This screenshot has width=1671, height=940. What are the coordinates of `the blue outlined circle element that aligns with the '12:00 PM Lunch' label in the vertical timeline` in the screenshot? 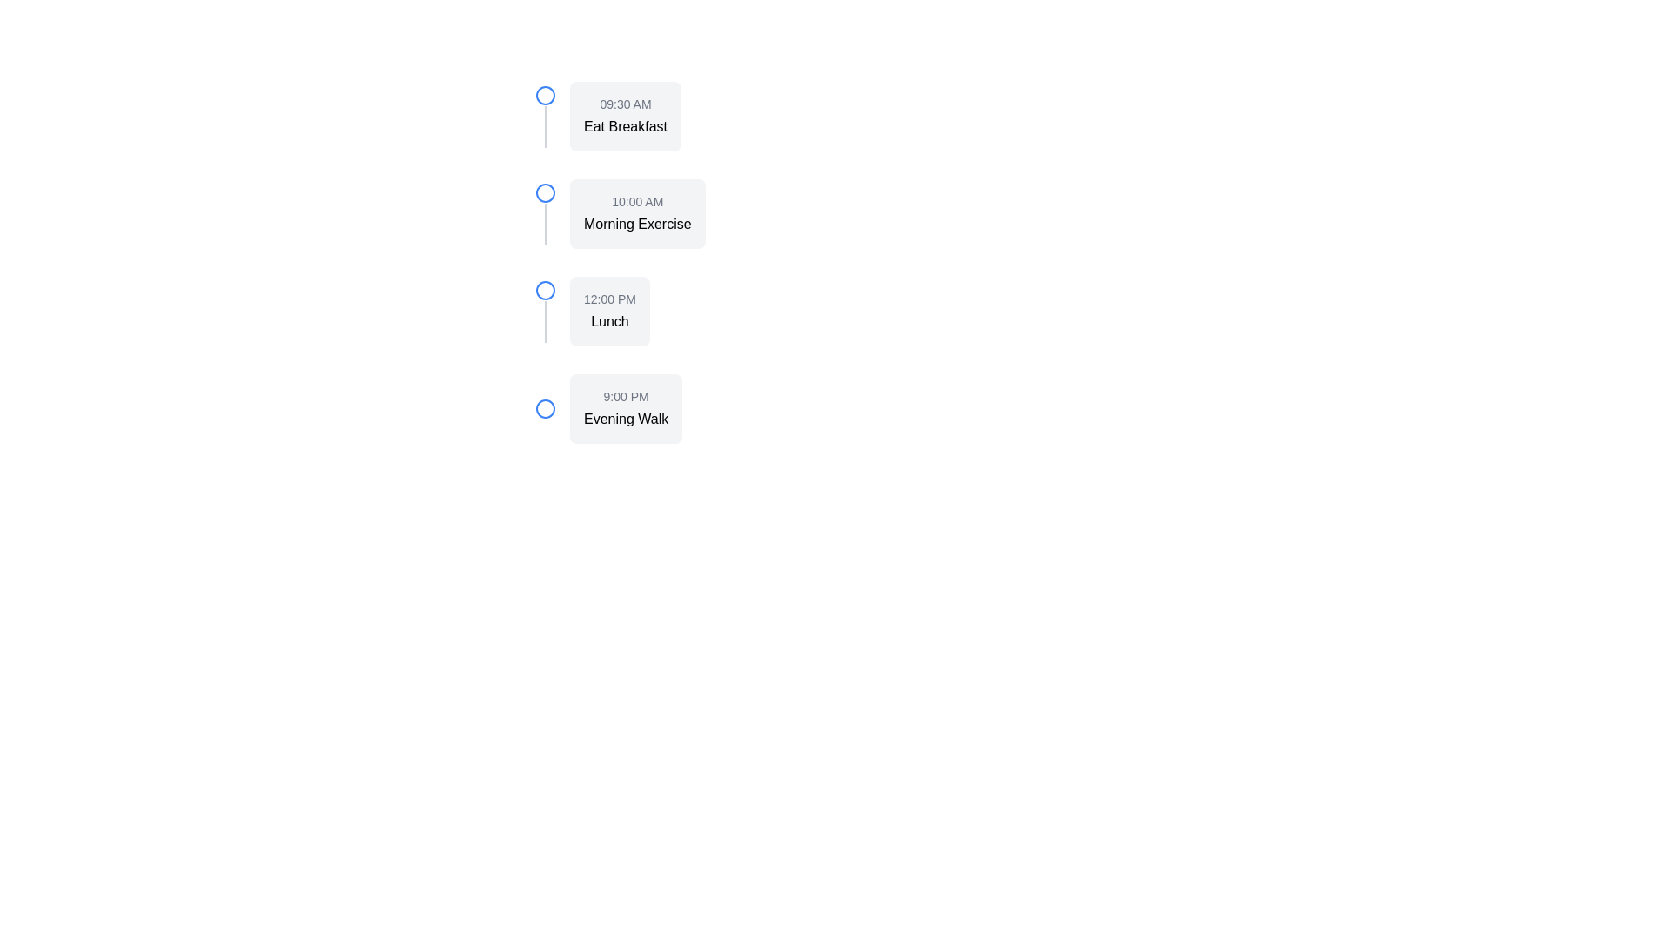 It's located at (545, 290).